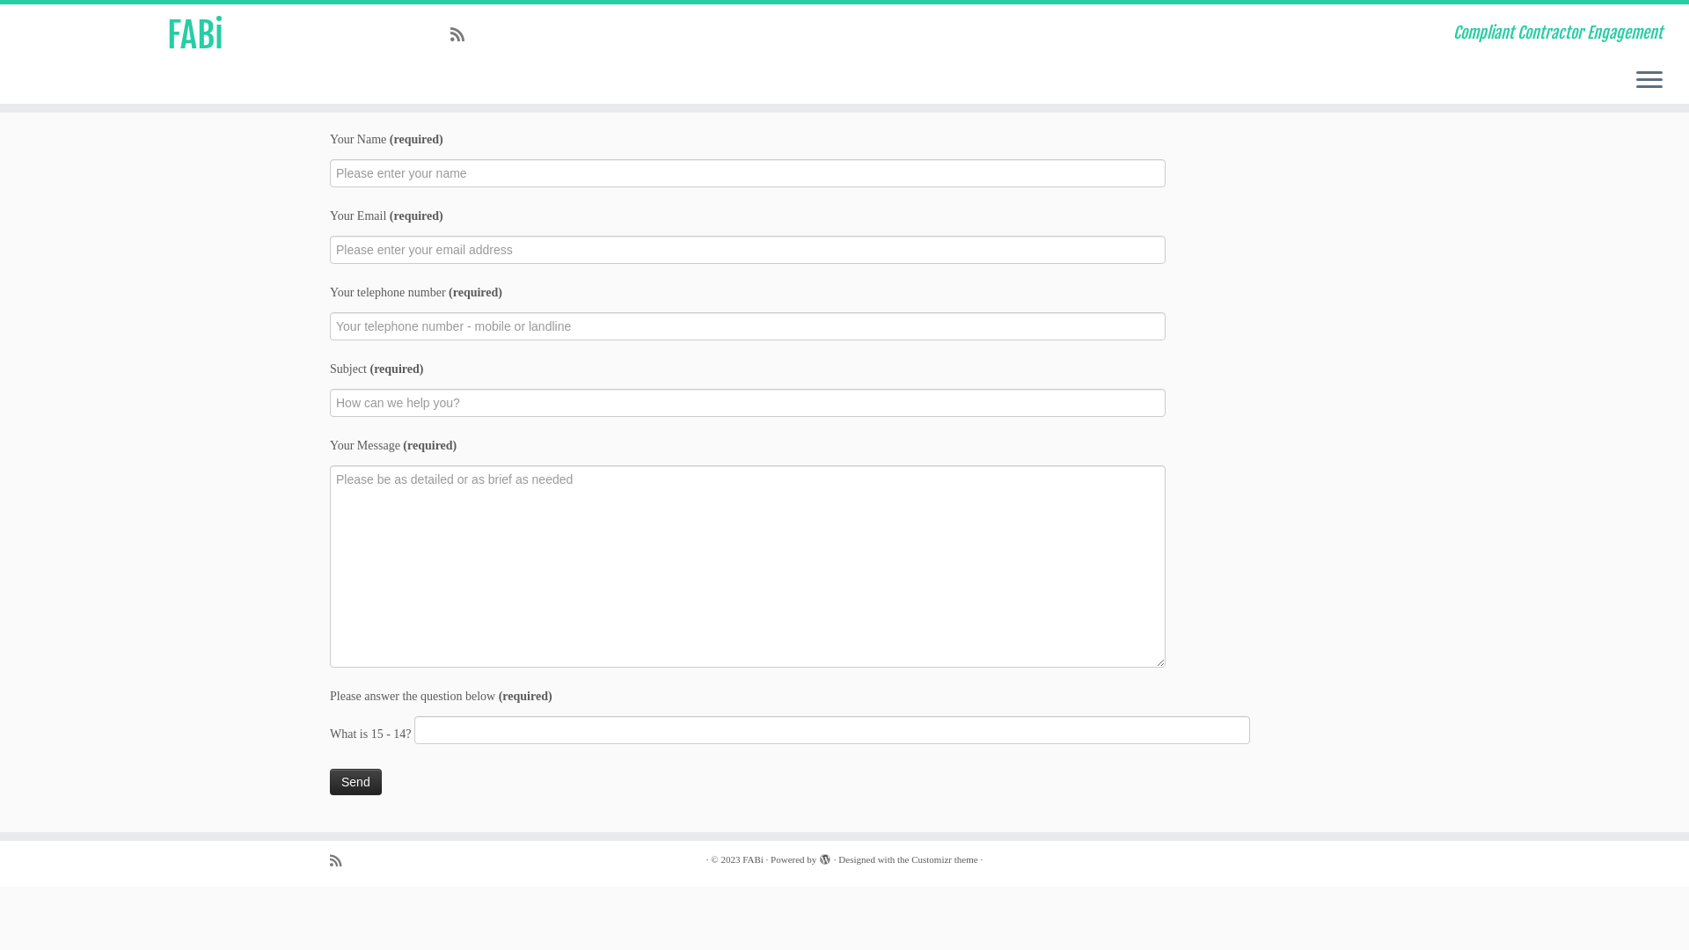  I want to click on 'Powered by WordPress', so click(823, 856).